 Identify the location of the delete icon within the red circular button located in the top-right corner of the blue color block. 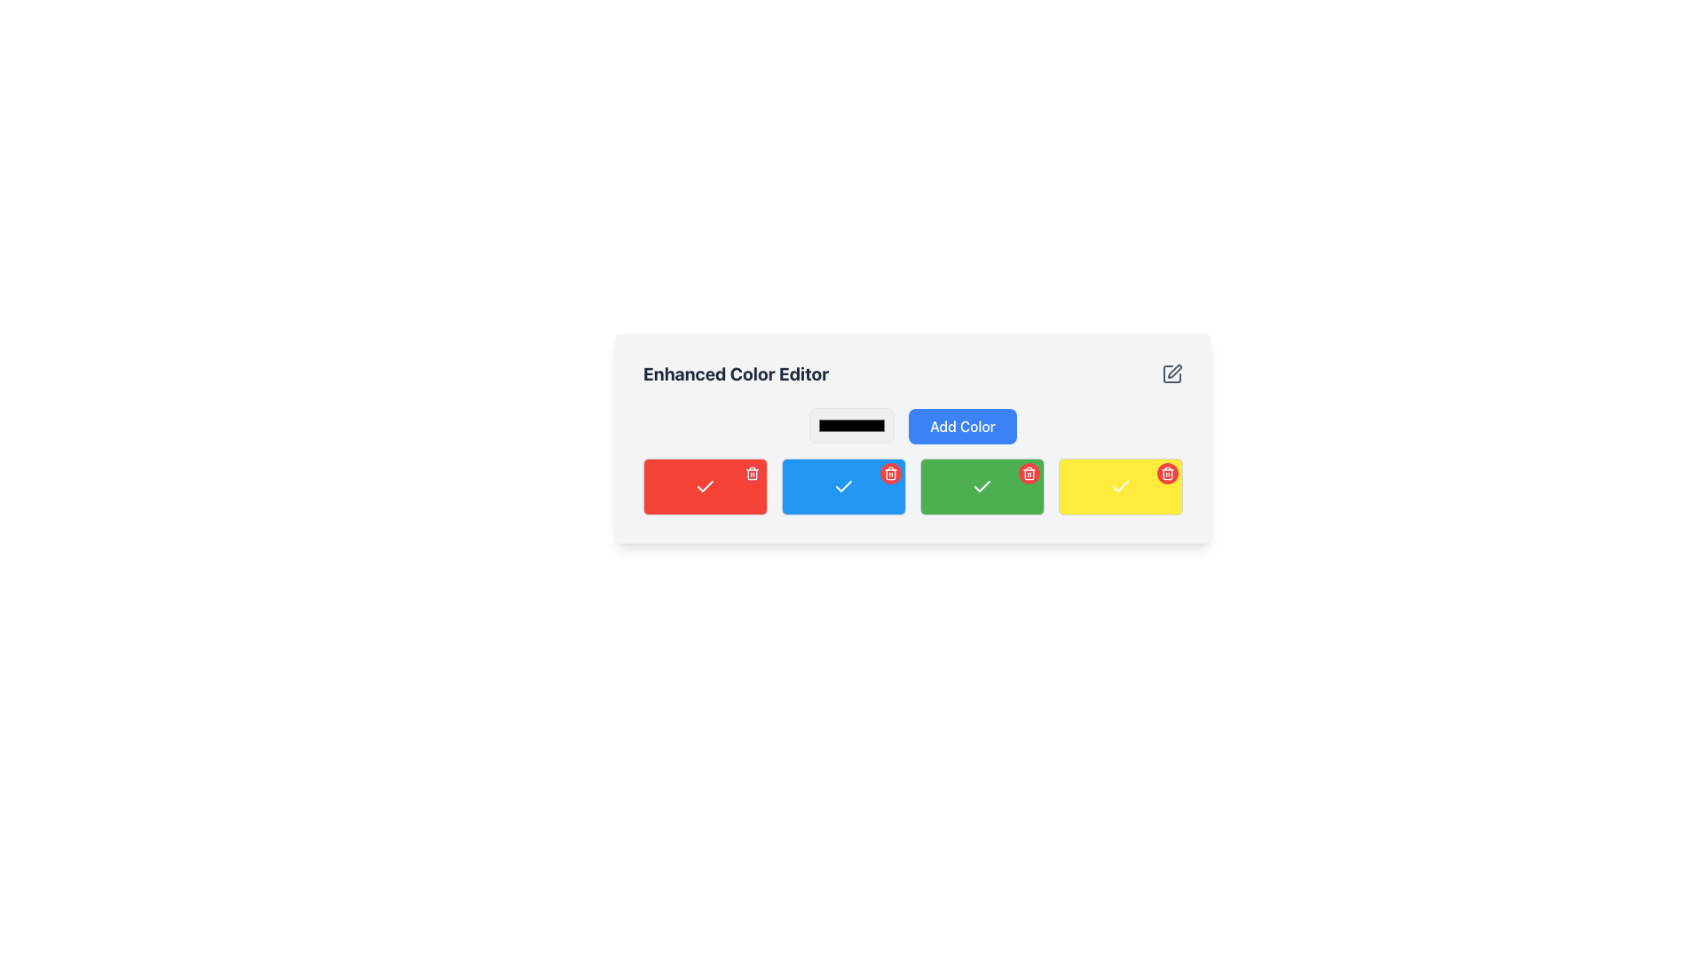
(890, 472).